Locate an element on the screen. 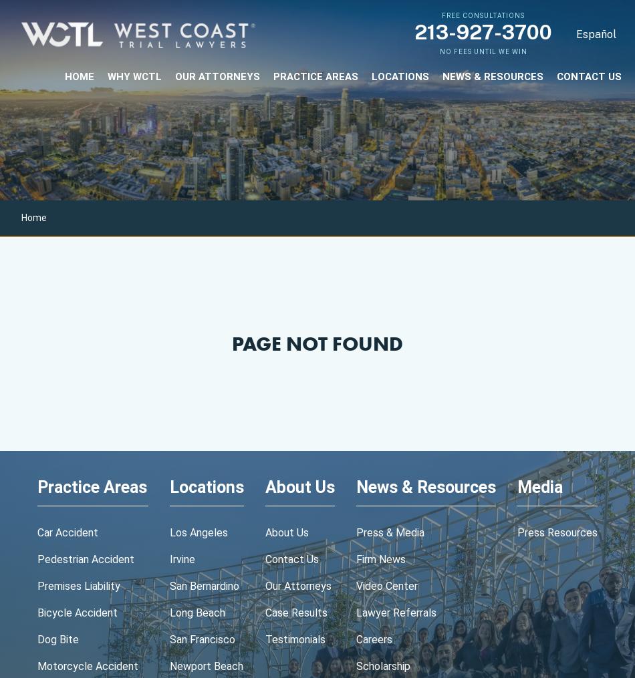  'our attorneys' is located at coordinates (217, 75).